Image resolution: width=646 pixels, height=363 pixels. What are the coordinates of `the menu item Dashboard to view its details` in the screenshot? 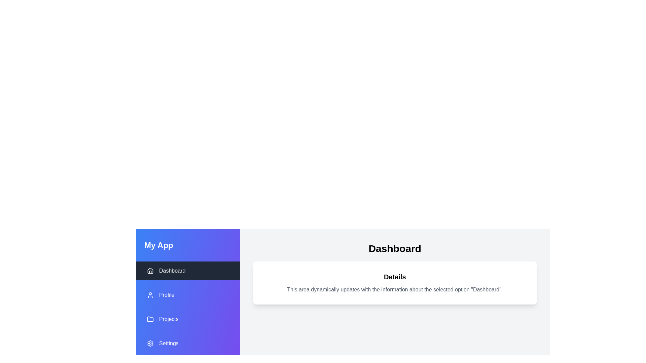 It's located at (188, 271).